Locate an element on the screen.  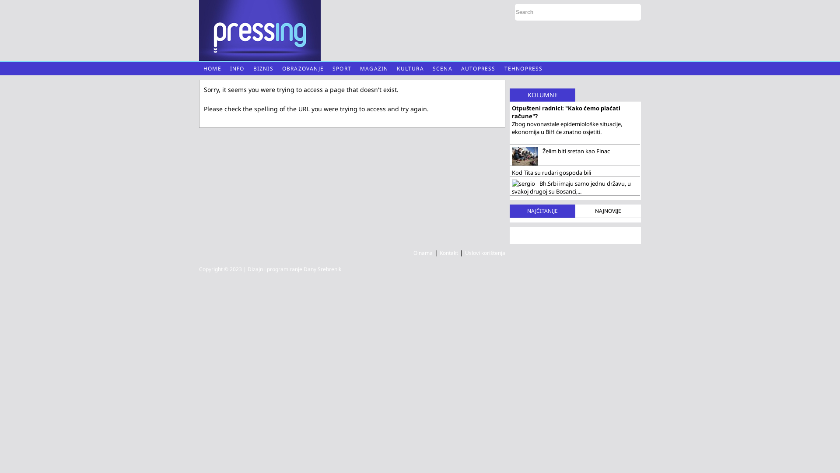
'Kod Tita su rudari gospoda bili' is located at coordinates (575, 172).